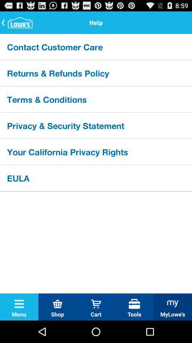 This screenshot has height=343, width=192. Describe the element at coordinates (96, 46) in the screenshot. I see `contact customer care icon` at that location.